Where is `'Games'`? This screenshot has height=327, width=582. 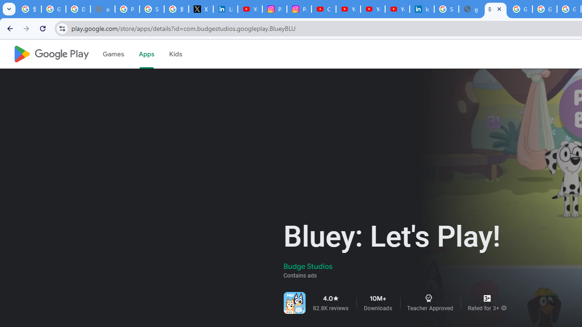 'Games' is located at coordinates (112, 54).